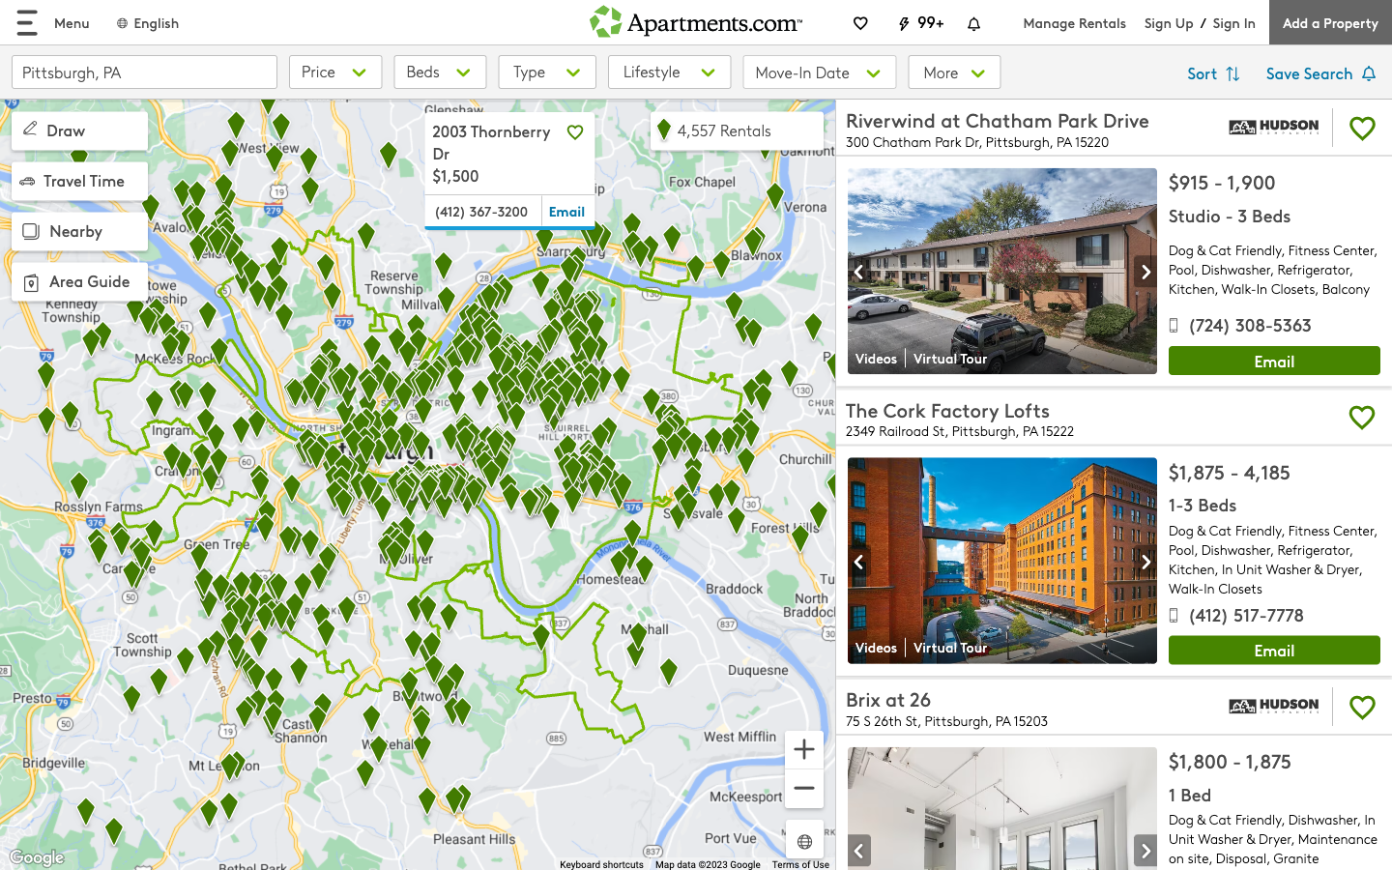 The height and width of the screenshot is (870, 1392). I want to click on the login page, so click(1233, 21).